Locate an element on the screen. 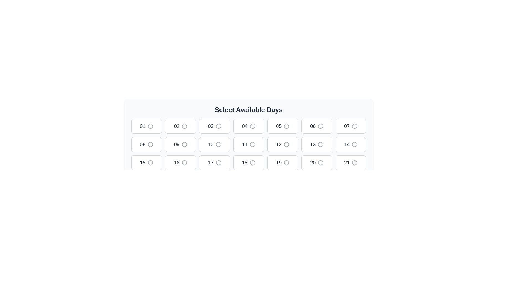  the button displaying the number '17' in the grid layout under the heading 'Select Available Days' is located at coordinates (214, 162).